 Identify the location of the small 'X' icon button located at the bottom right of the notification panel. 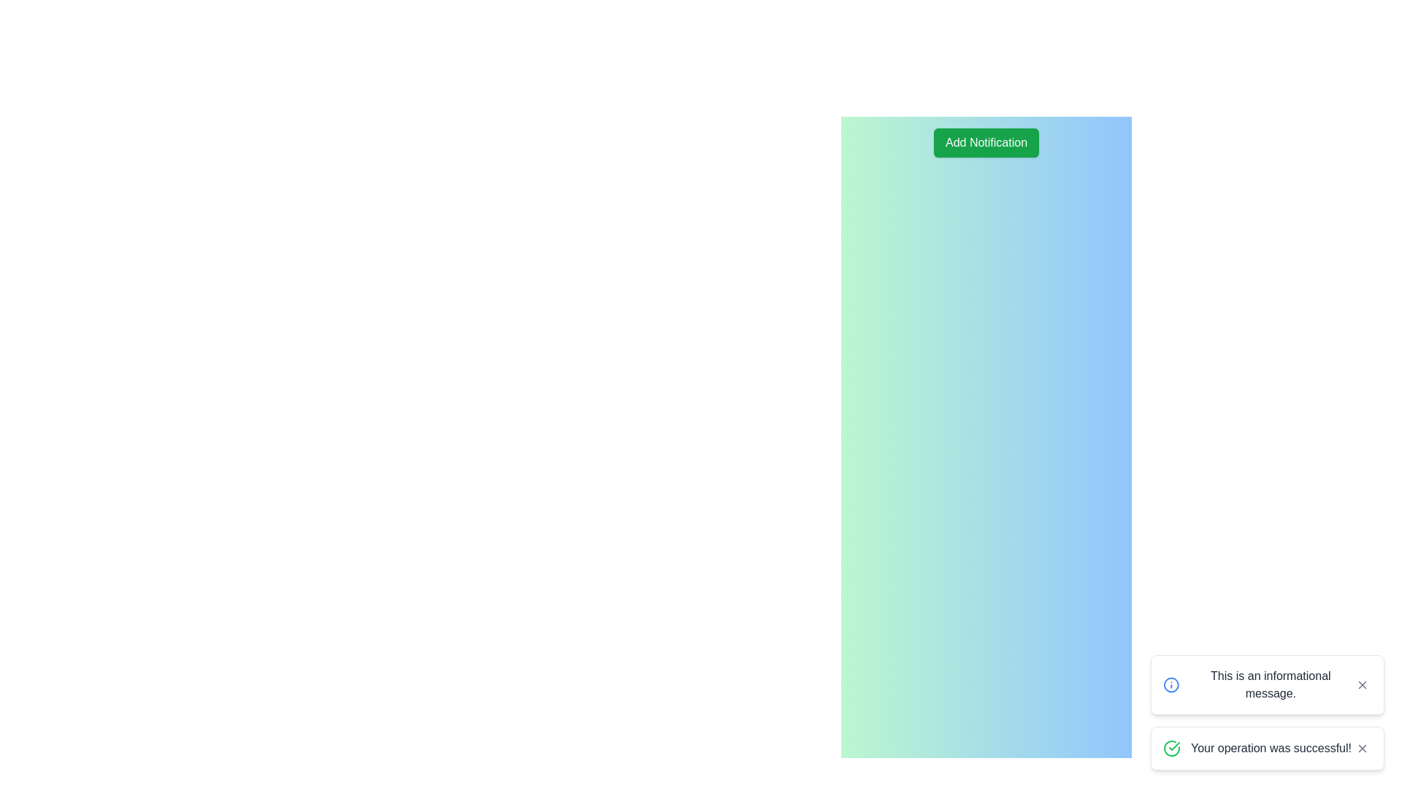
(1362, 749).